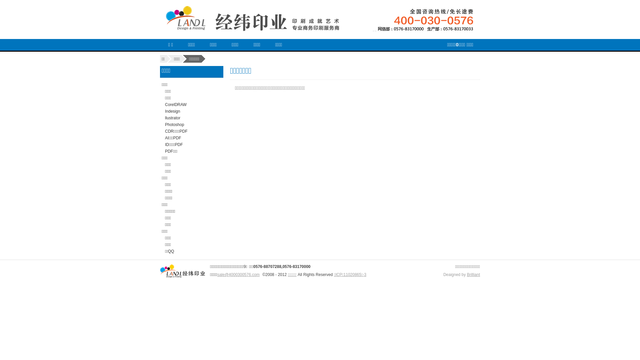  I want to click on 'CorelDRAW', so click(176, 104).